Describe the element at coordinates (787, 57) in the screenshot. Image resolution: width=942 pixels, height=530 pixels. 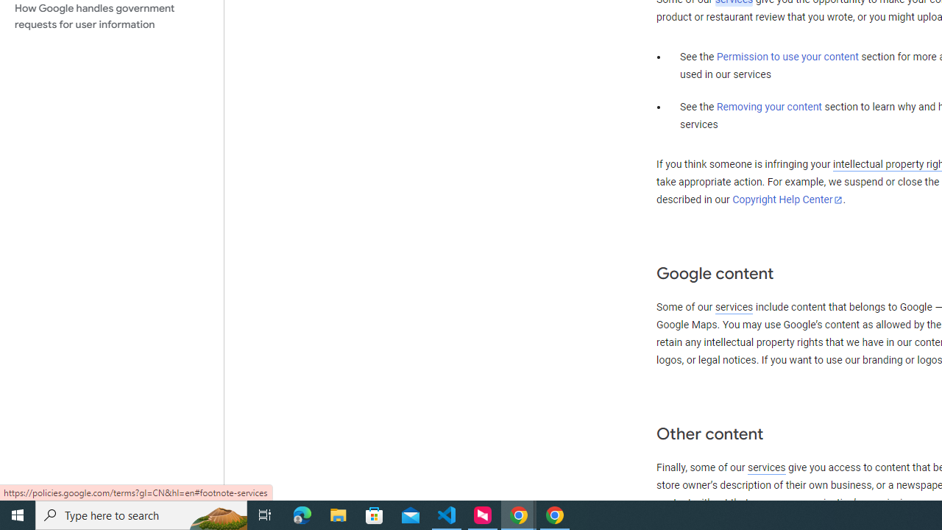
I see `'Permission to use your content'` at that location.